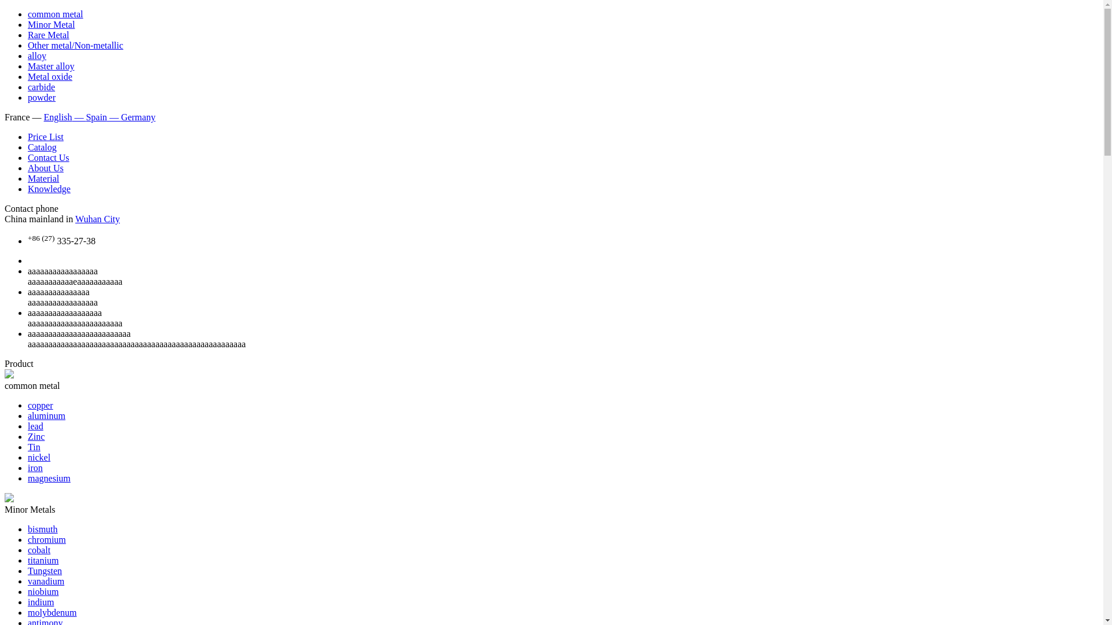  Describe the element at coordinates (41, 86) in the screenshot. I see `'carbide'` at that location.